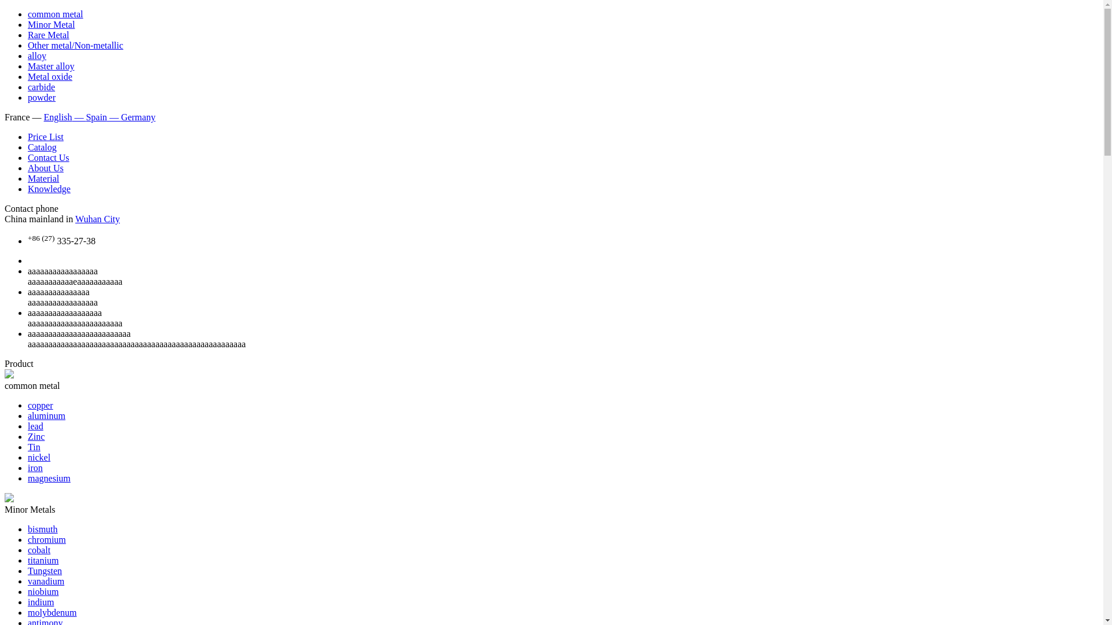  Describe the element at coordinates (41, 86) in the screenshot. I see `'carbide'` at that location.